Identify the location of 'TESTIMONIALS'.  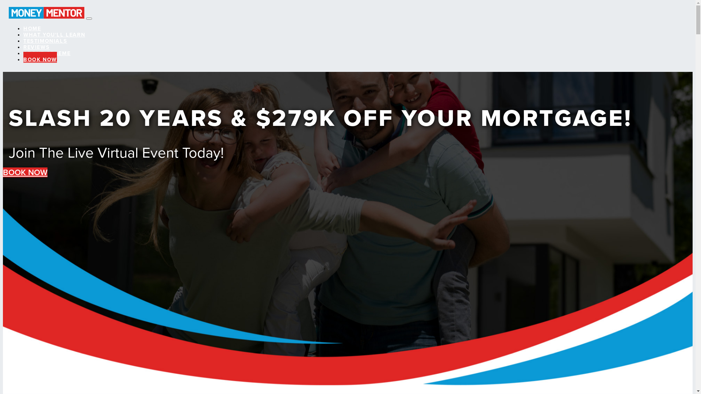
(23, 38).